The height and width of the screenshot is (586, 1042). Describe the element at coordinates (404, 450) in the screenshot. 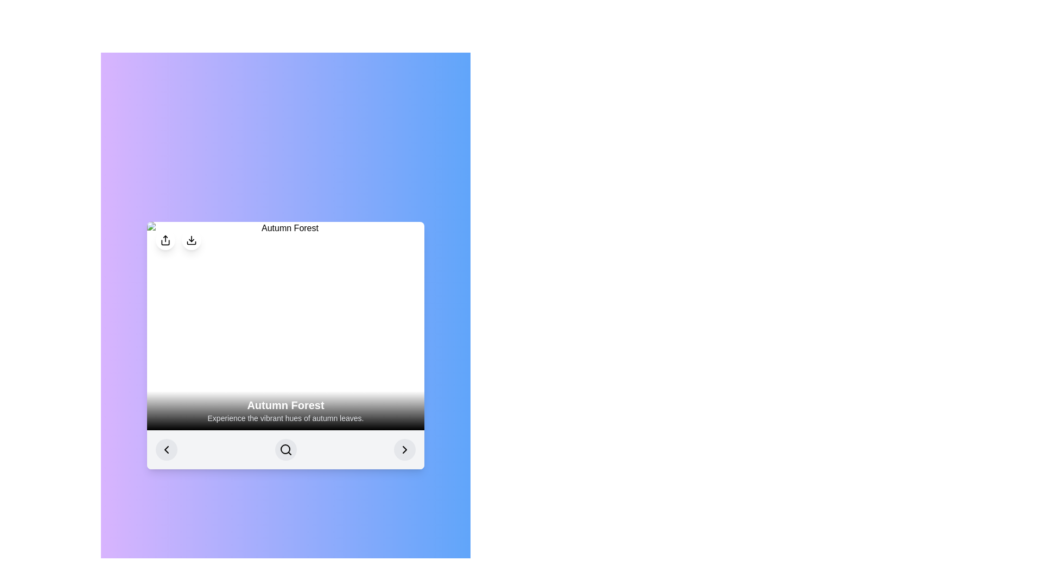

I see `the SVG icon embedded` at that location.